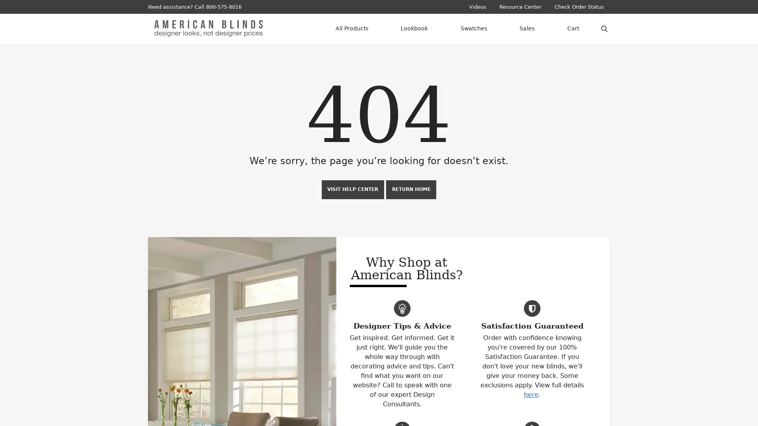 The width and height of the screenshot is (758, 426). What do you see at coordinates (261, 6) in the screenshot?
I see `OR LIVE CHAT` at bounding box center [261, 6].